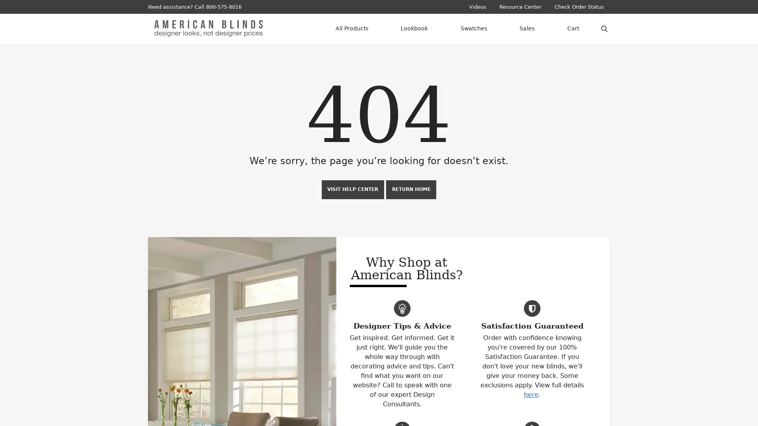 The width and height of the screenshot is (758, 426). What do you see at coordinates (261, 6) in the screenshot?
I see `OR LIVE CHAT` at bounding box center [261, 6].